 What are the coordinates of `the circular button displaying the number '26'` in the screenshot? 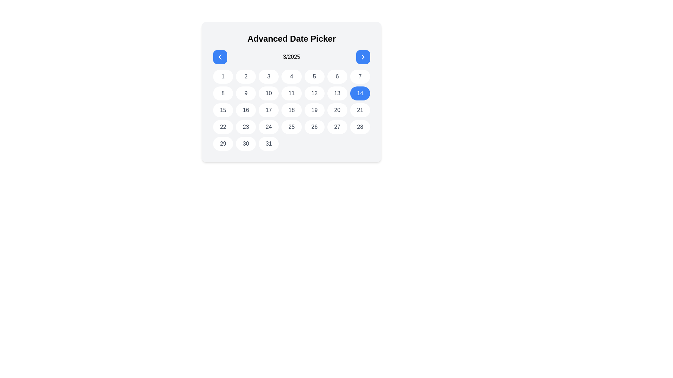 It's located at (314, 127).